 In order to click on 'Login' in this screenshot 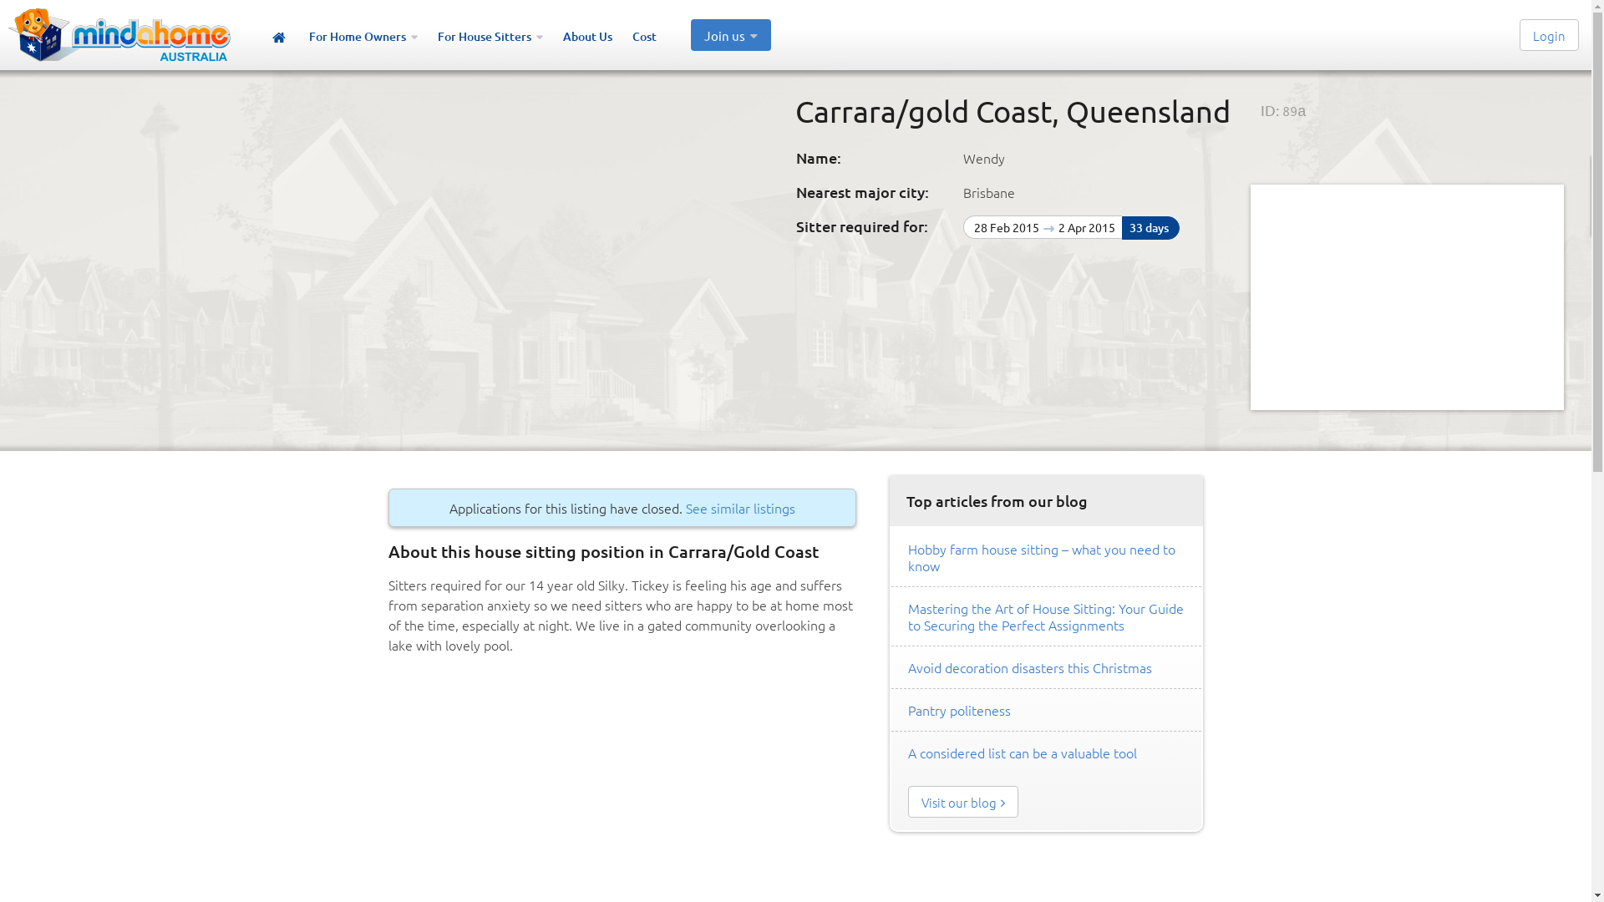, I will do `click(1548, 35)`.